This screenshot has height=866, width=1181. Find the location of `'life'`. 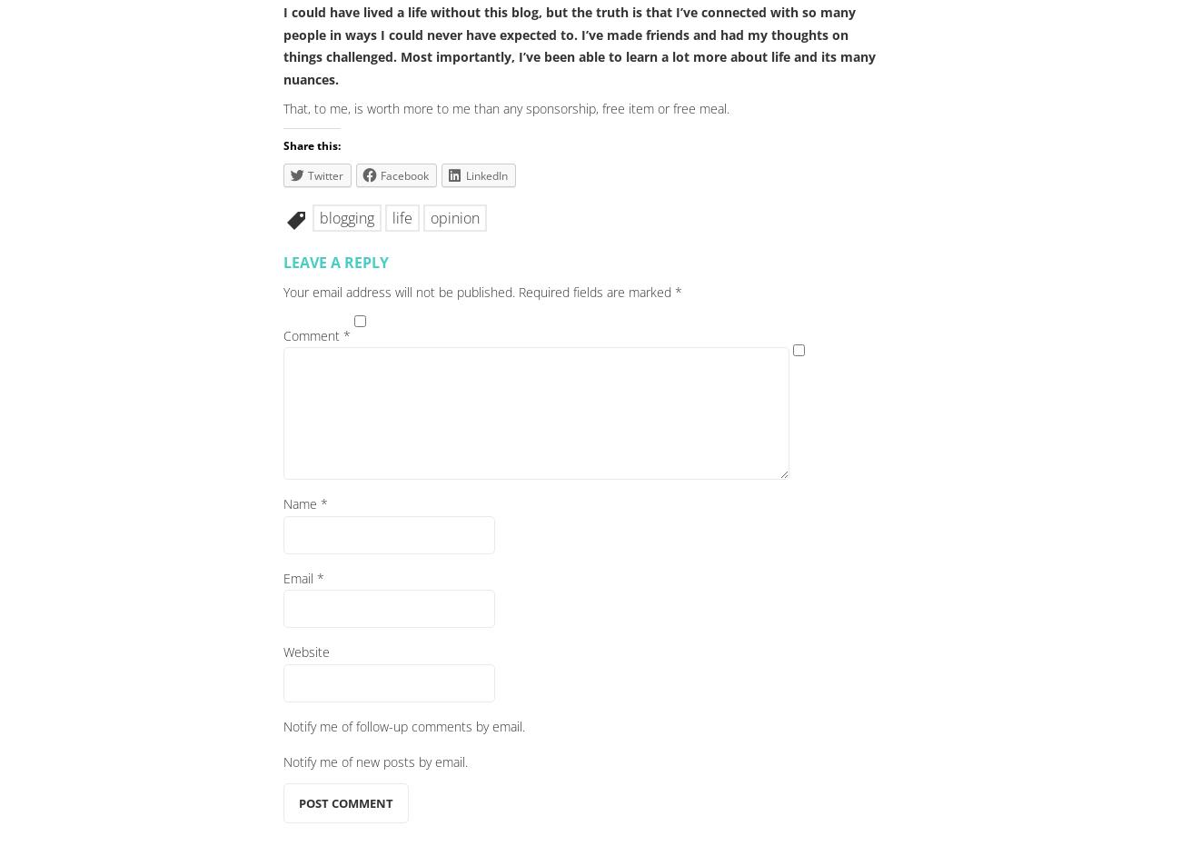

'life' is located at coordinates (402, 216).